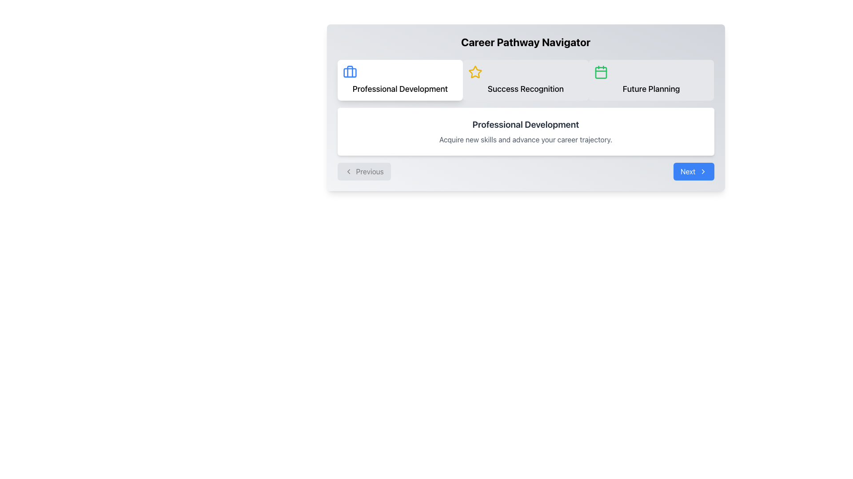 The image size is (853, 479). Describe the element at coordinates (601, 71) in the screenshot. I see `the 'Future Planning' icon located in the top horizontal layout bar, positioned to the right of 'Professional Development' and 'Success Recognition'` at that location.